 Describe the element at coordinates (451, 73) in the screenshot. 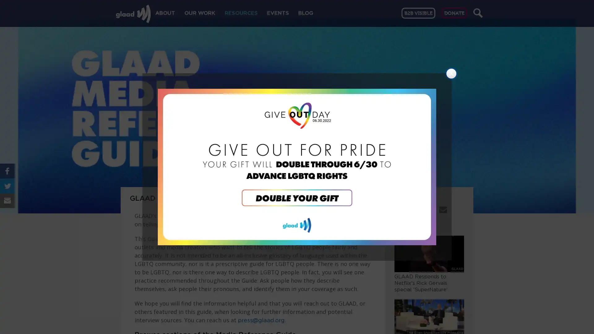

I see `Close` at that location.